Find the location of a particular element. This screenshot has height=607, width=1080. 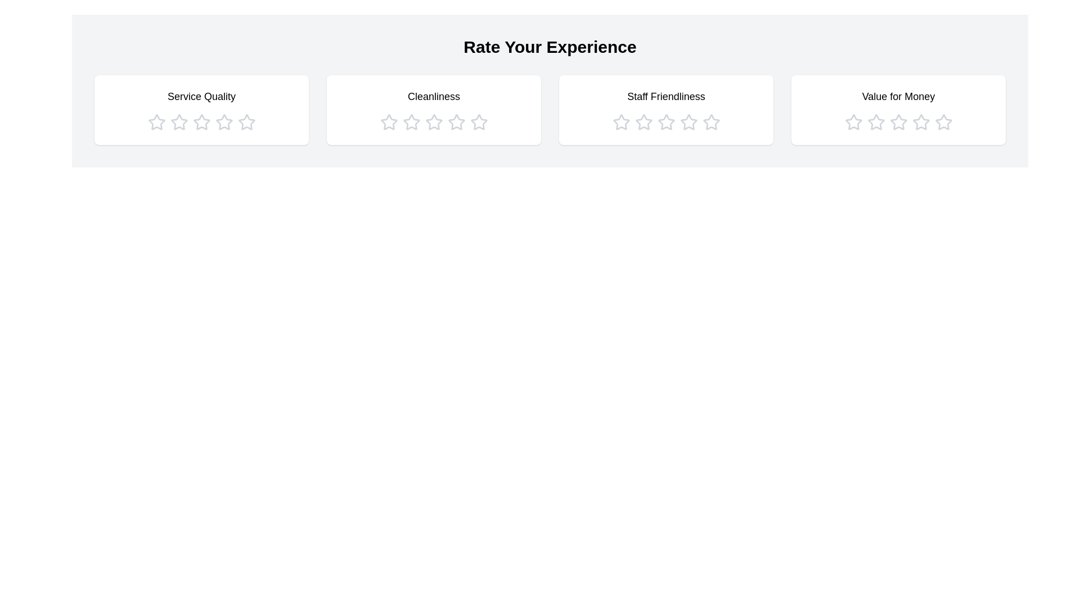

the star icon corresponding to 2 stars in the category Cleanliness is located at coordinates (411, 123).